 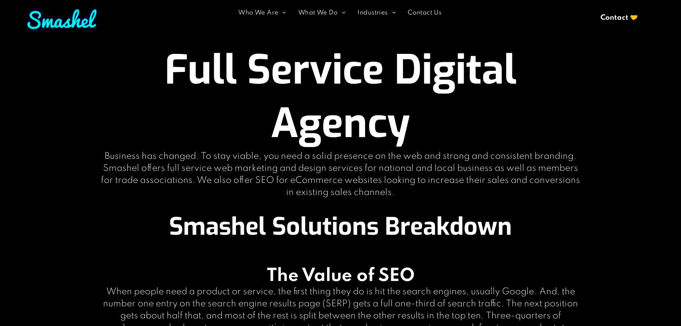 I want to click on 'Core Values', so click(x=263, y=23).